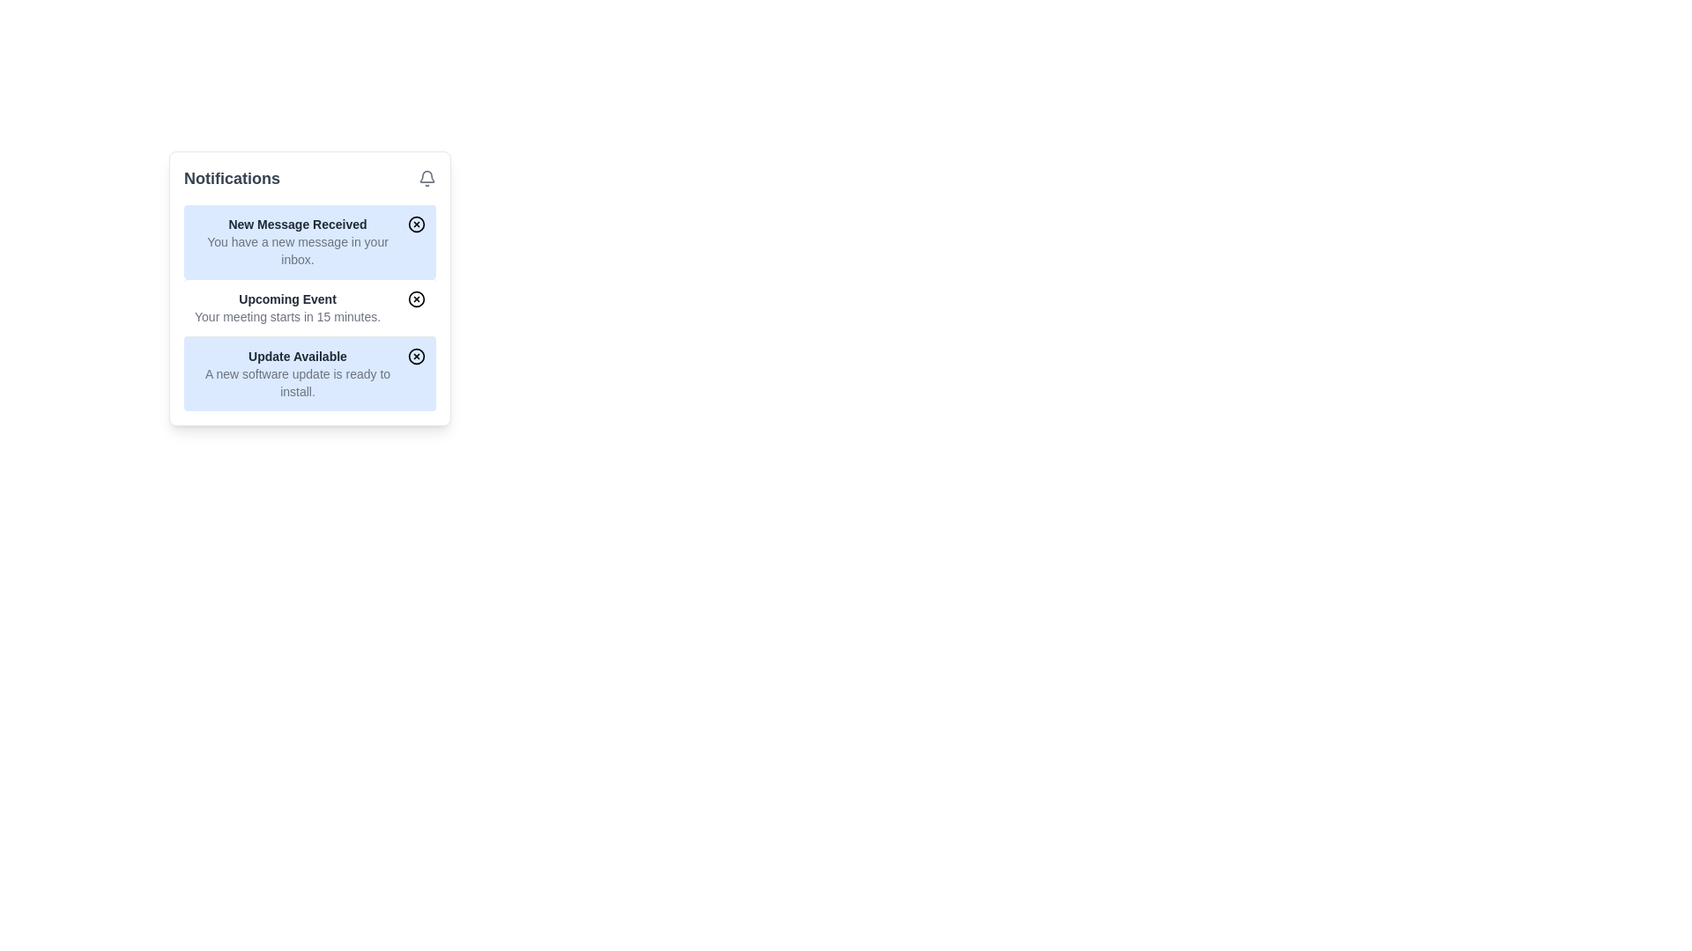 The width and height of the screenshot is (1692, 951). I want to click on the circular button with a hollow circle and 'x' shape in the center, so click(416, 357).